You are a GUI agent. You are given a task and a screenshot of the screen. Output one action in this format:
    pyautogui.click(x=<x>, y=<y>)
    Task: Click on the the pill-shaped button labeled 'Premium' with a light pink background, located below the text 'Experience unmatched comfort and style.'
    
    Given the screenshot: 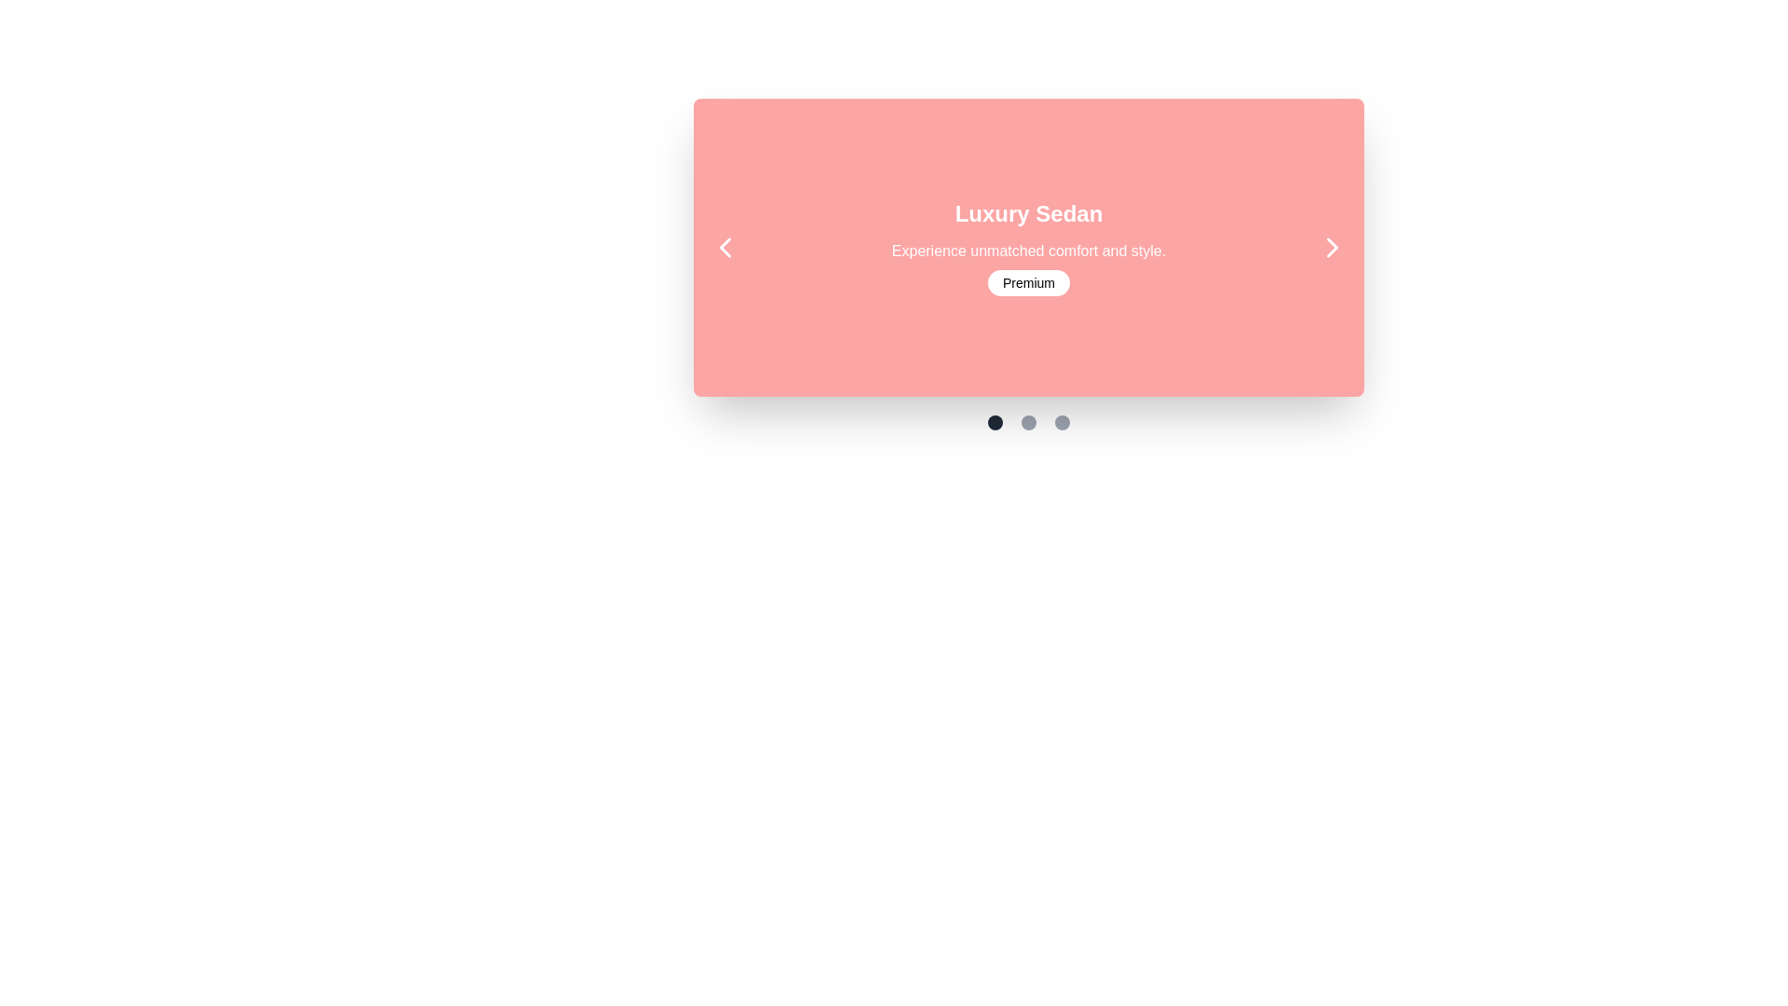 What is the action you would take?
    pyautogui.click(x=1027, y=283)
    